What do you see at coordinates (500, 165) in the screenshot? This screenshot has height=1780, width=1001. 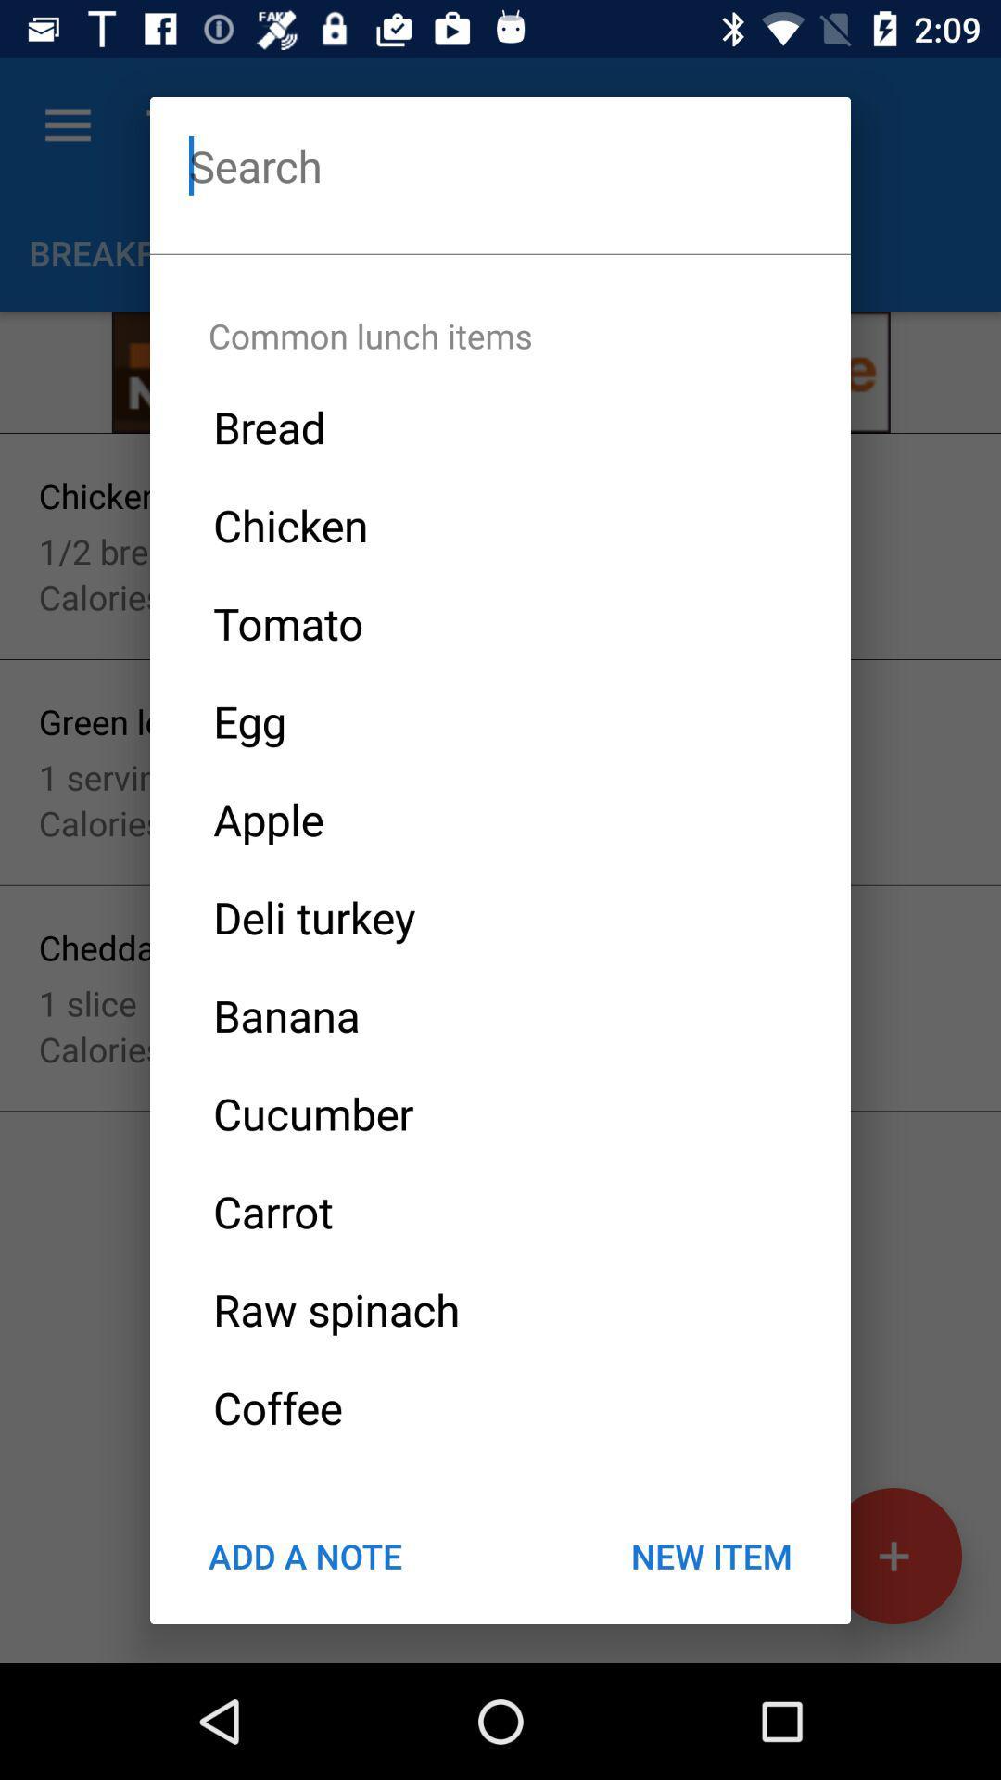 I see `search` at bounding box center [500, 165].